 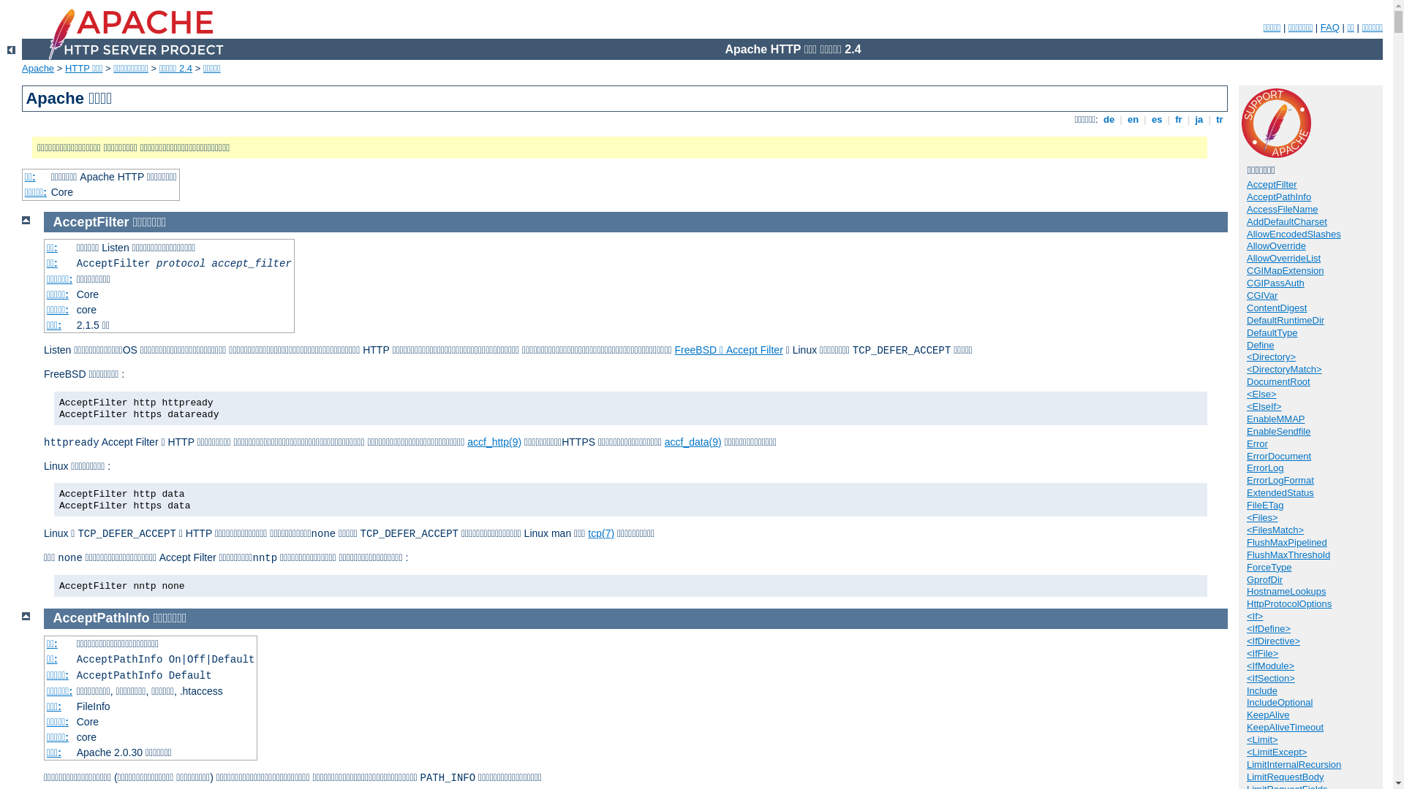 What do you see at coordinates (1263, 406) in the screenshot?
I see `'<ElseIf>'` at bounding box center [1263, 406].